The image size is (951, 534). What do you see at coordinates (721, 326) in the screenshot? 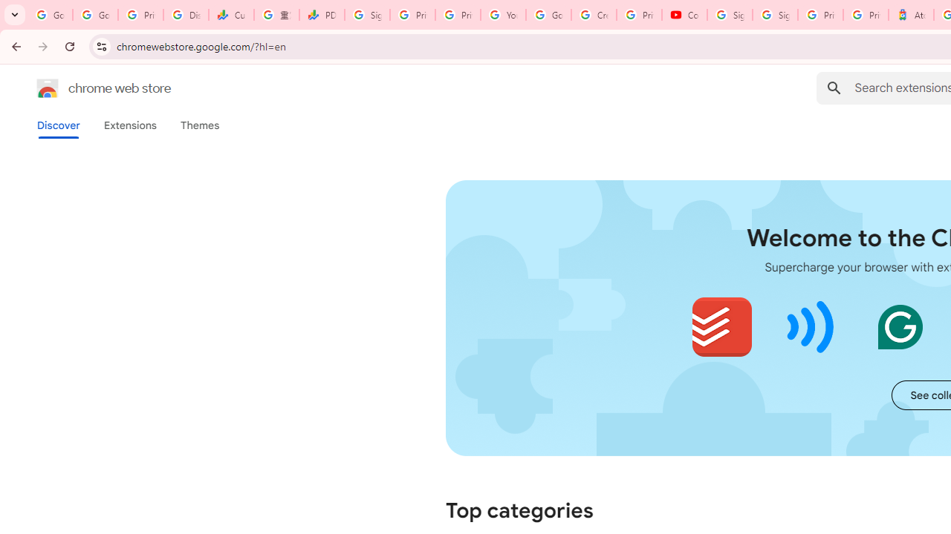
I see `'Todoist for Chrome'` at bounding box center [721, 326].